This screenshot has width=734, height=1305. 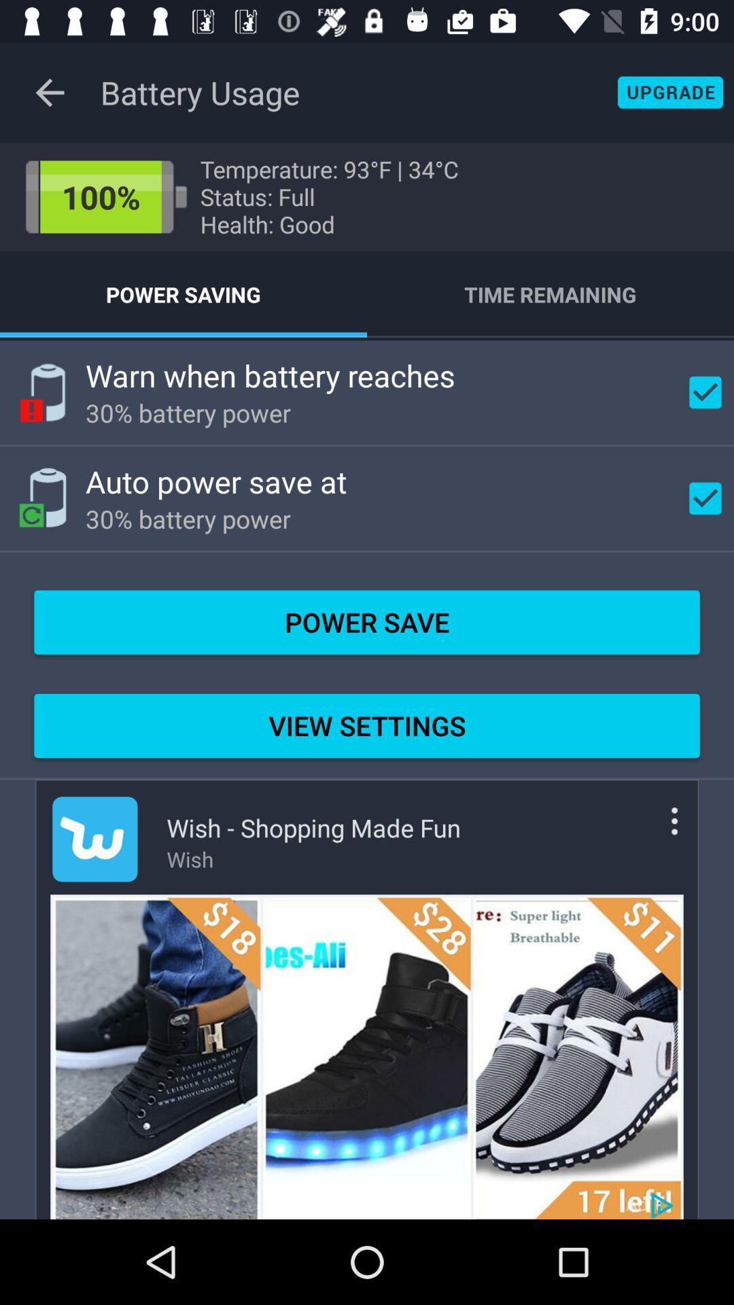 What do you see at coordinates (669, 92) in the screenshot?
I see `upgrade` at bounding box center [669, 92].